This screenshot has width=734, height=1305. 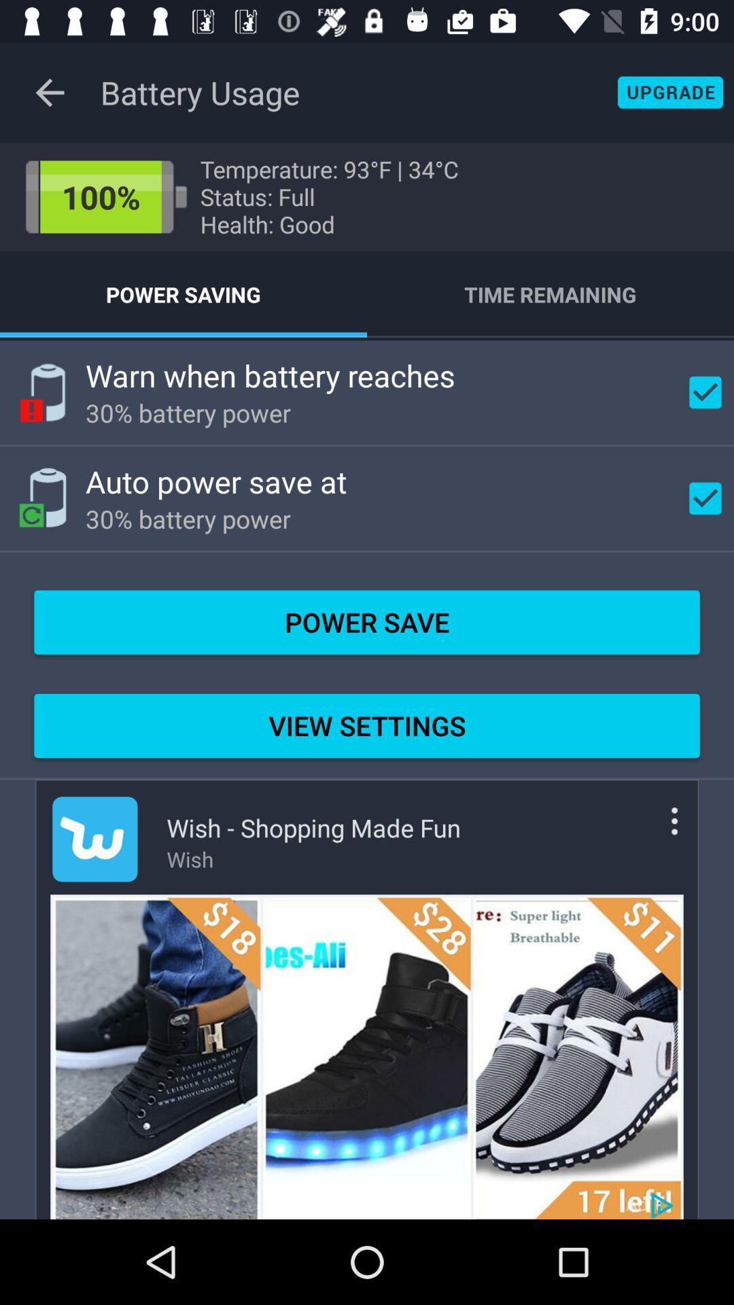 What do you see at coordinates (669, 92) in the screenshot?
I see `upgrade` at bounding box center [669, 92].